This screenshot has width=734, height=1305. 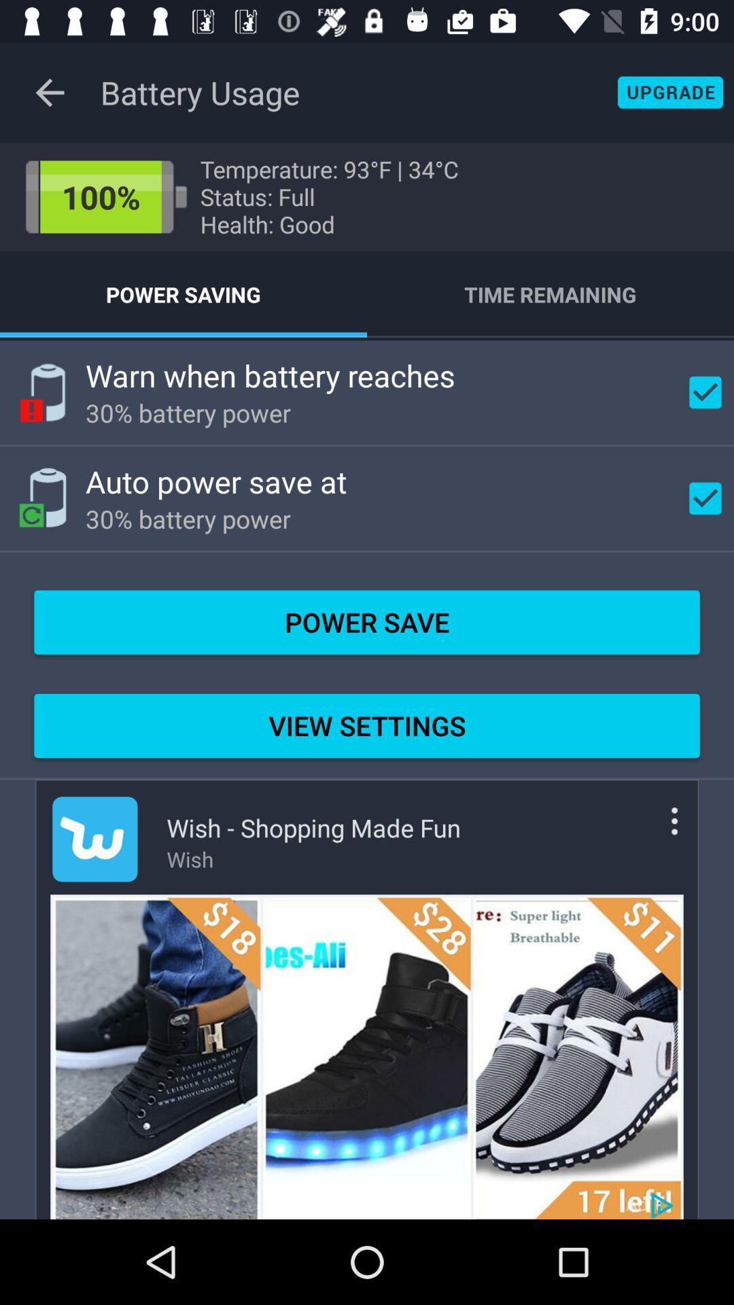 What do you see at coordinates (669, 92) in the screenshot?
I see `upgrade` at bounding box center [669, 92].